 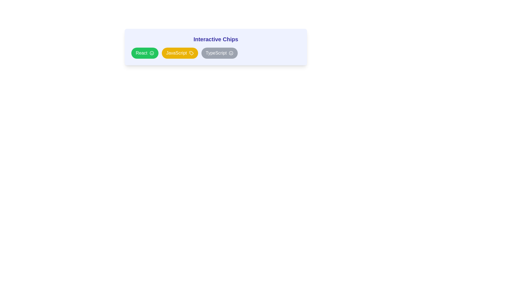 I want to click on the frown face icon located at the rightmost edge of the 'TypeScript' chip, which indicates a negative state, so click(x=231, y=53).